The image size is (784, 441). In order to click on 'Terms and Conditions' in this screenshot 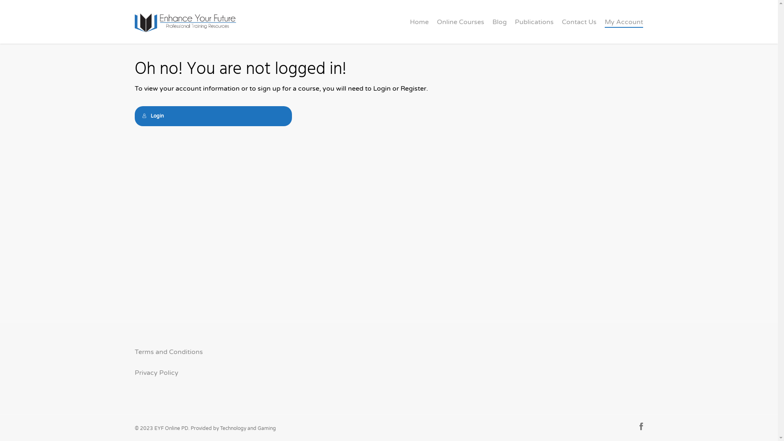, I will do `click(168, 351)`.